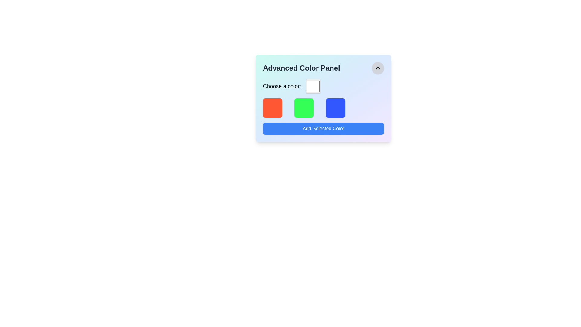  Describe the element at coordinates (281, 86) in the screenshot. I see `the text label indicating the purpose of the adjacent color selection field located near the top-left of the color selection interface` at that location.